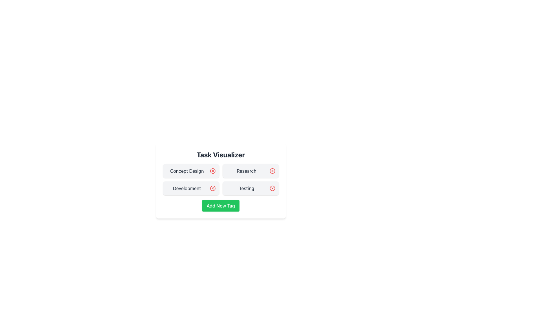 The height and width of the screenshot is (313, 556). What do you see at coordinates (220, 207) in the screenshot?
I see `a task within the central task management card` at bounding box center [220, 207].